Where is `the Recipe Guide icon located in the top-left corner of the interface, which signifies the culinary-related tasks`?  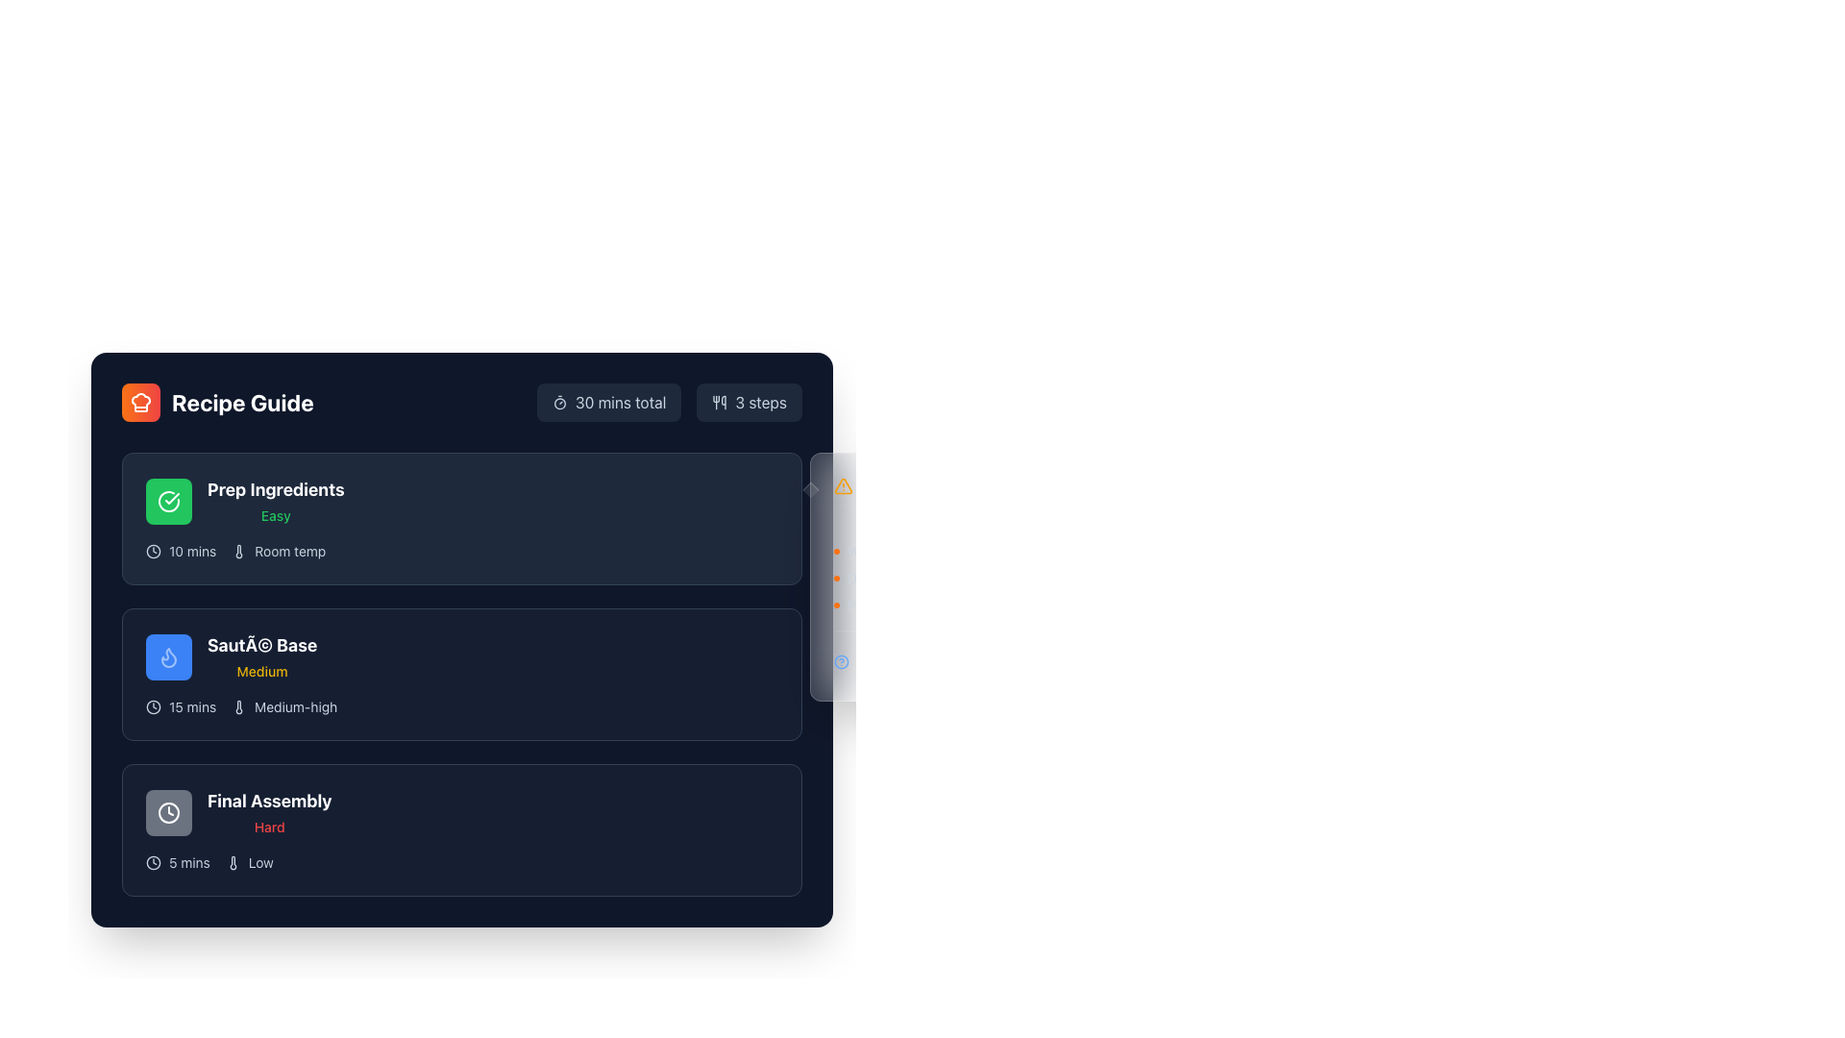 the Recipe Guide icon located in the top-left corner of the interface, which signifies the culinary-related tasks is located at coordinates (140, 402).